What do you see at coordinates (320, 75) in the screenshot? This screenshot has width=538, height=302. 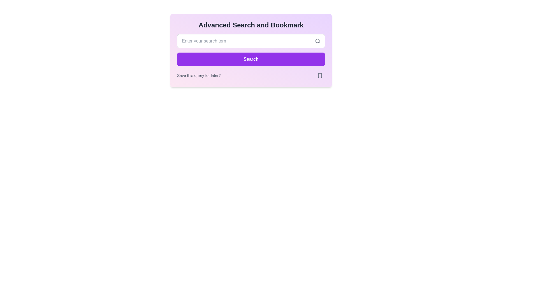 I see `the bookmark icon located in the bottom-right corner of the rounded button labeled 'Save this query for later?'` at bounding box center [320, 75].